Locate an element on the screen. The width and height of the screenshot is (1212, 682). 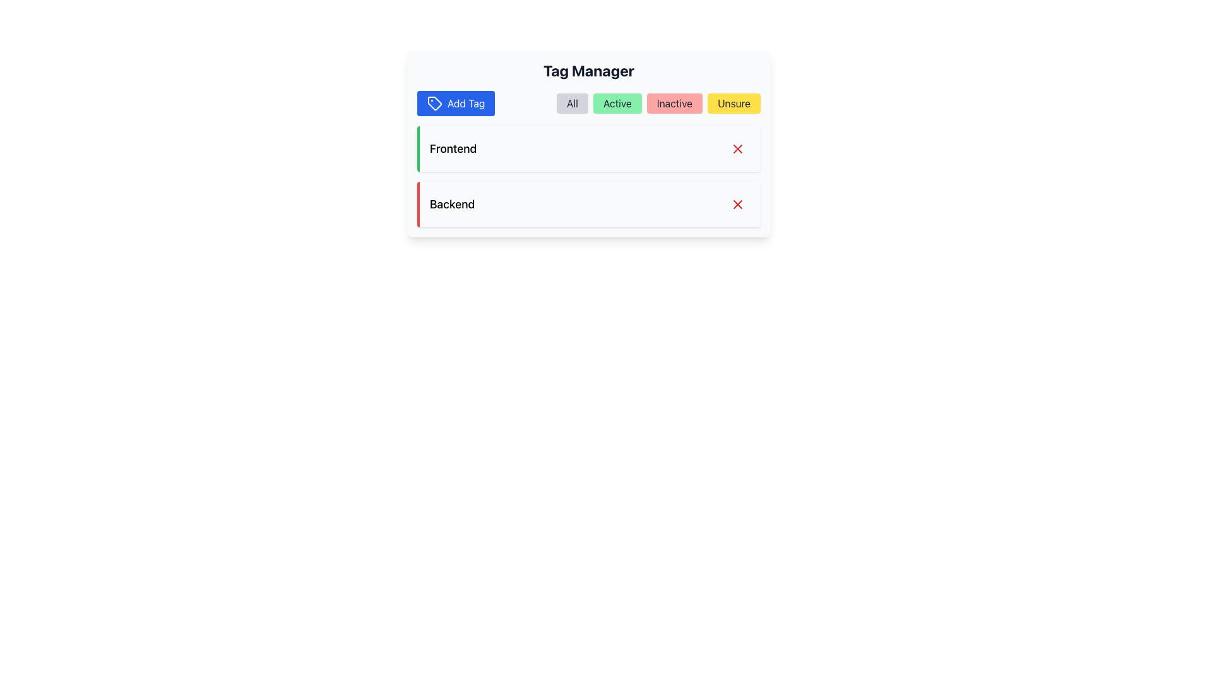
the 'Active' button, which is the second button in the group of four buttons labeled 'All', 'Active', 'Inactive', and 'Unsure', to trigger an interactive effect is located at coordinates (617, 103).